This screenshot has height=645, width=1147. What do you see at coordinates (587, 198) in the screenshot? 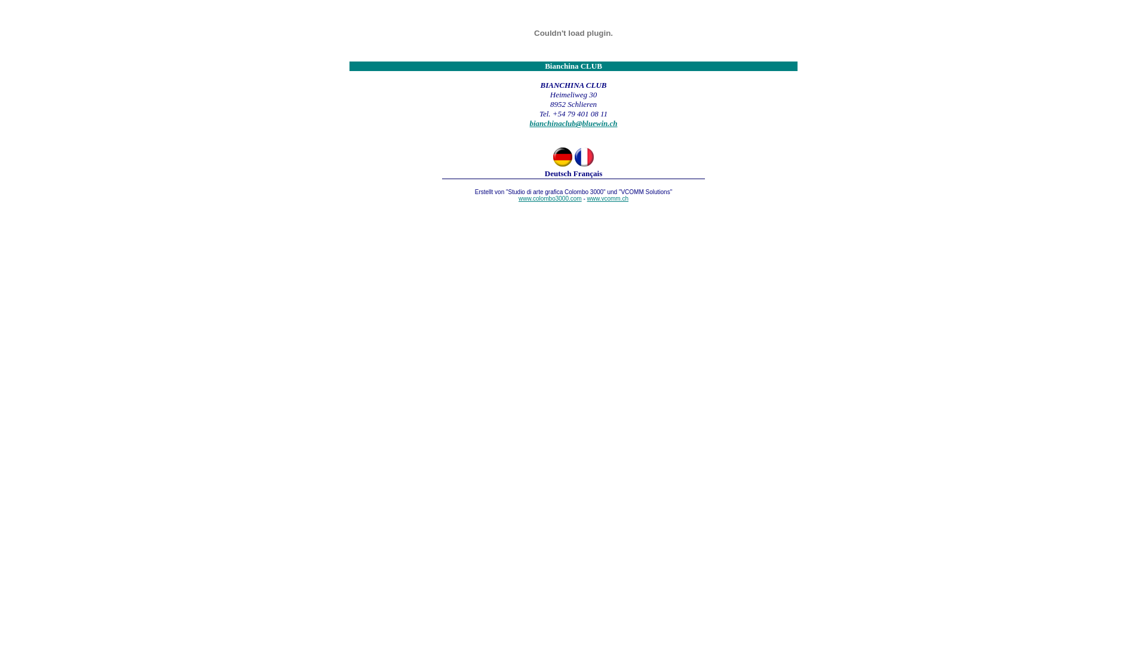
I see `'www.vcomm.ch'` at bounding box center [587, 198].